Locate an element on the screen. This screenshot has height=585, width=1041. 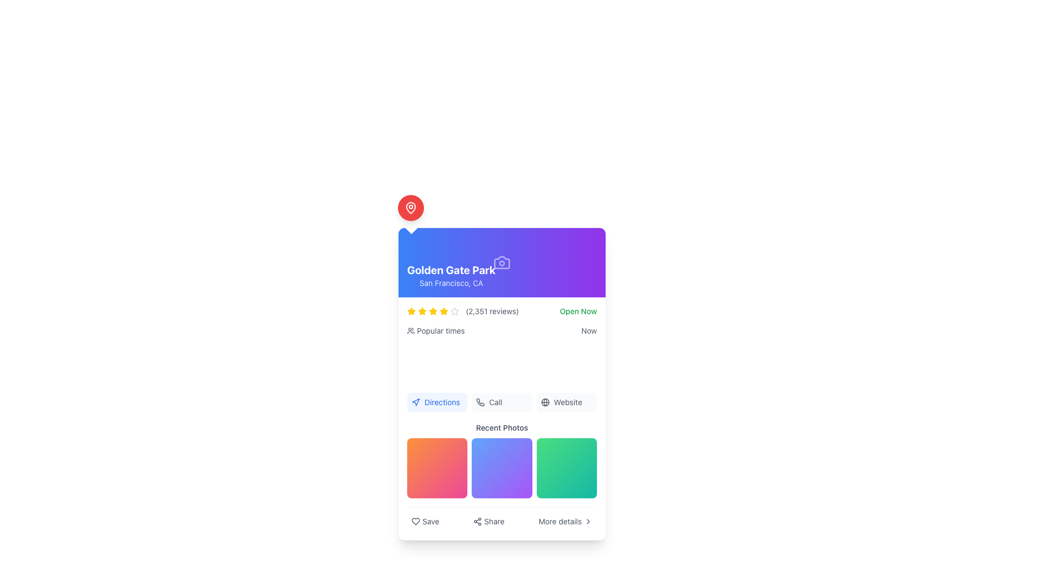
the first star-shaped icon in the rating system below the title 'Golden Gate Park, San Francisco, CA' to indirectly influence the rating is located at coordinates (421, 311).